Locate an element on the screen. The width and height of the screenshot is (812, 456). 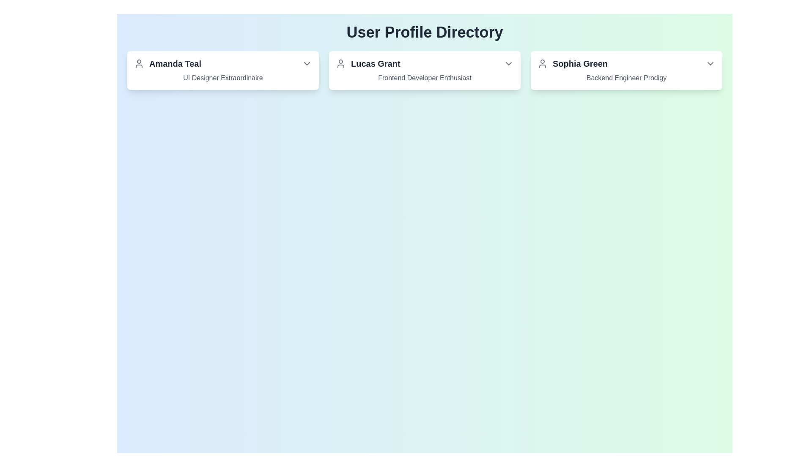
the text label displaying the user 'Amanda Teal' in the profile card located in the top-left section of the interface is located at coordinates (175, 63).